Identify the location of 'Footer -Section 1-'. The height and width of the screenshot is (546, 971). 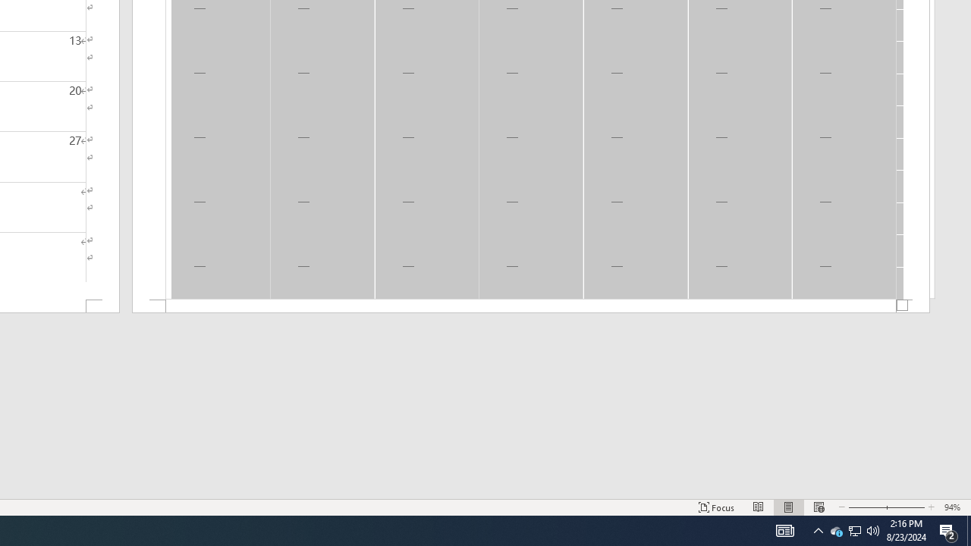
(531, 306).